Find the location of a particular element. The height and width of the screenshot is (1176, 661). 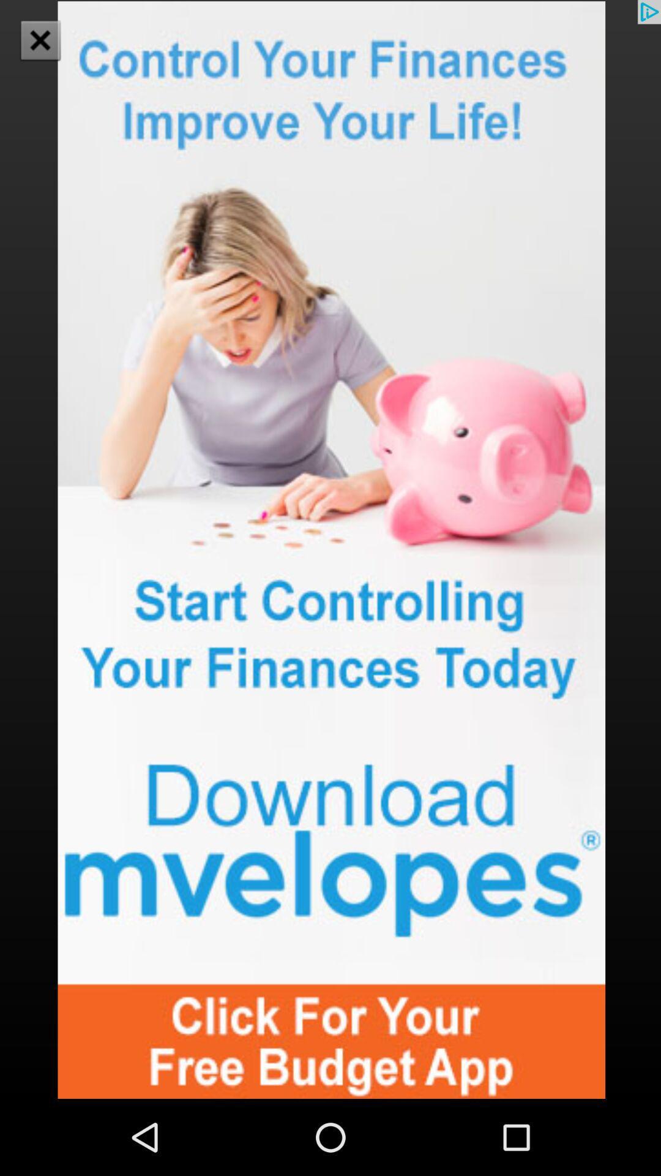

the close icon is located at coordinates (56, 59).